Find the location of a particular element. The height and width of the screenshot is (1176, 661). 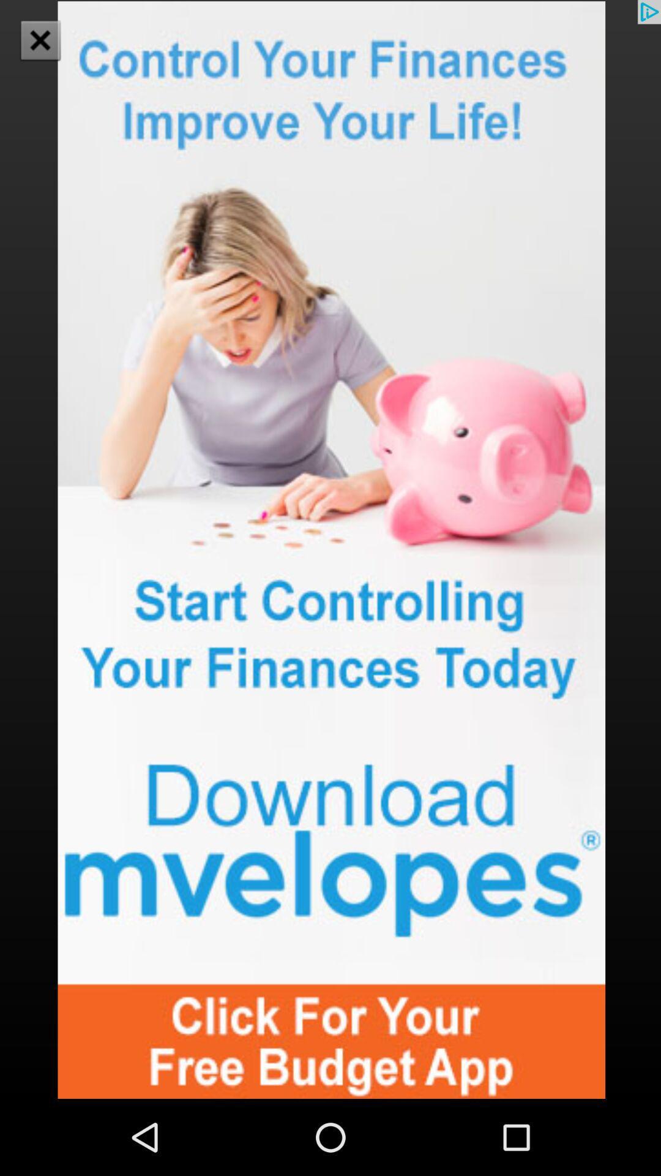

the close icon is located at coordinates (56, 59).